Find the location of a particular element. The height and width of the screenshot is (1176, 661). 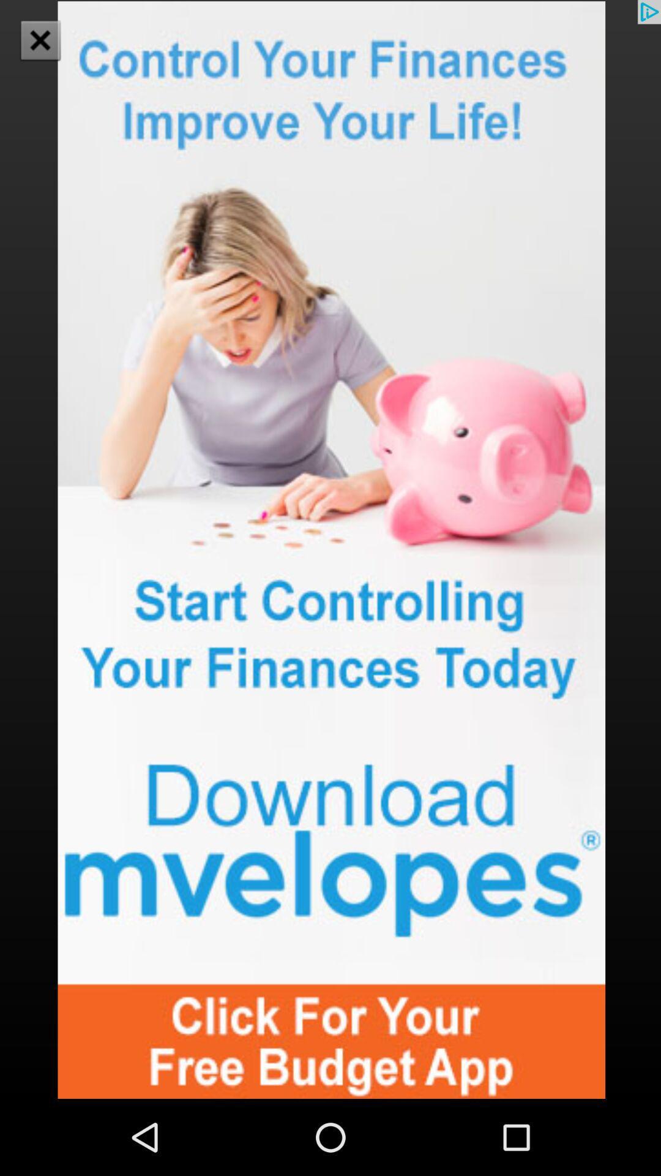

the close icon is located at coordinates (56, 59).